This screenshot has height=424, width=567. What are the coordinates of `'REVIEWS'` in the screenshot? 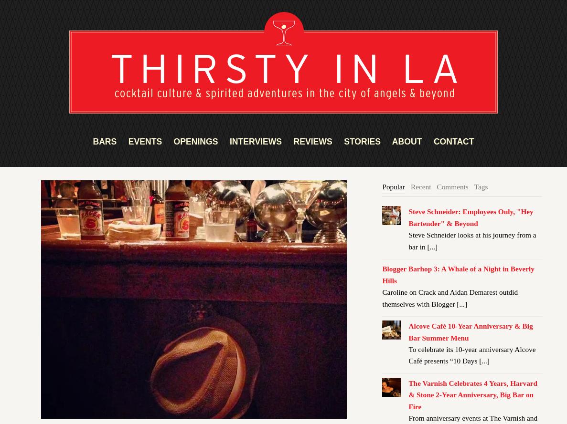 It's located at (312, 141).